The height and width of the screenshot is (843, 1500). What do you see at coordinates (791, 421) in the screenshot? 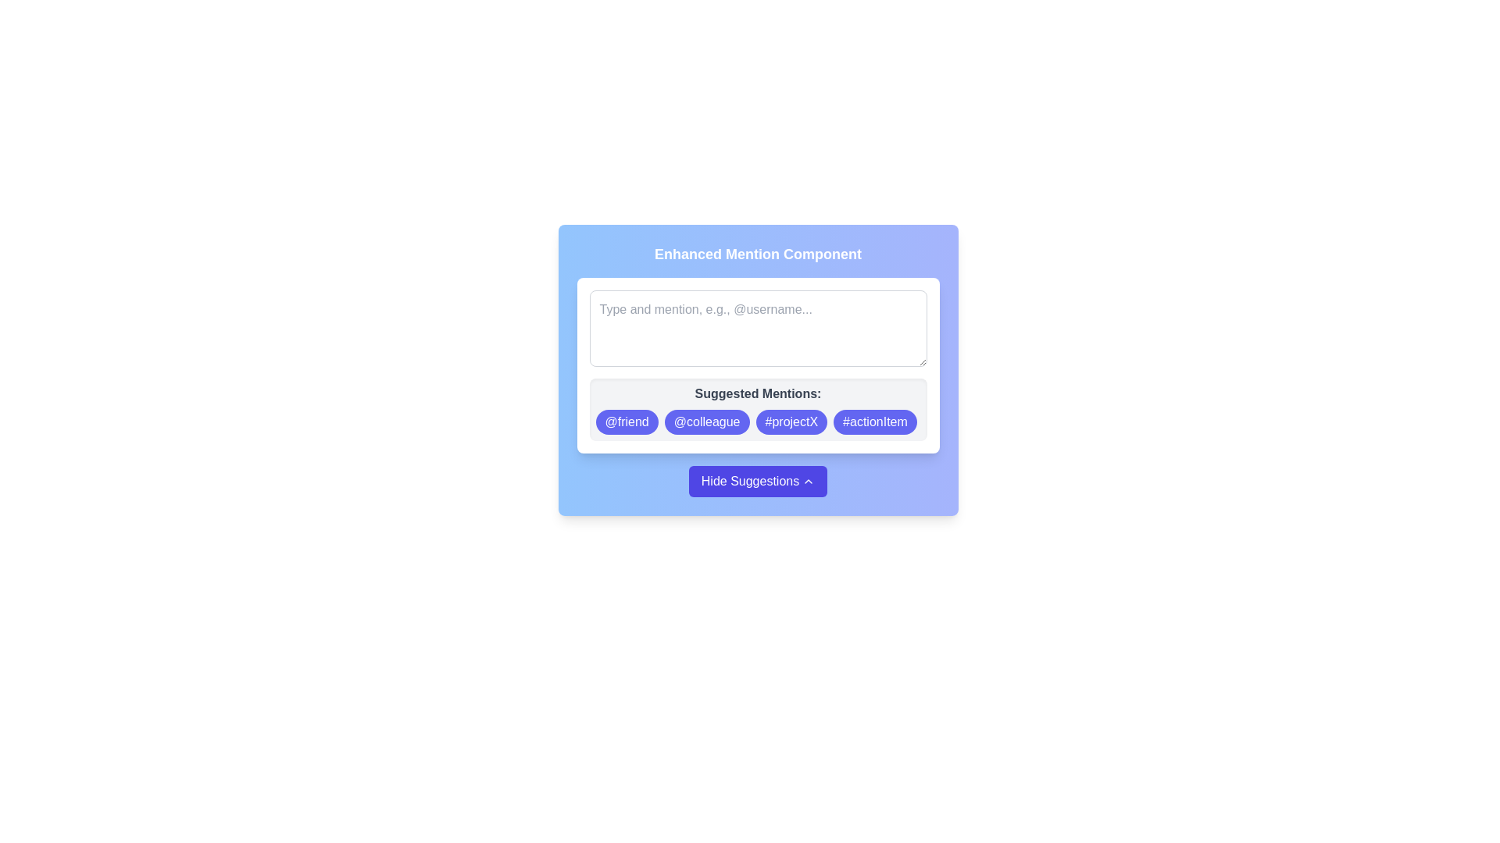
I see `the 'Project X' tag located between '@colleague' and '#actionItem' in the 'Suggested Mentions' section` at bounding box center [791, 421].